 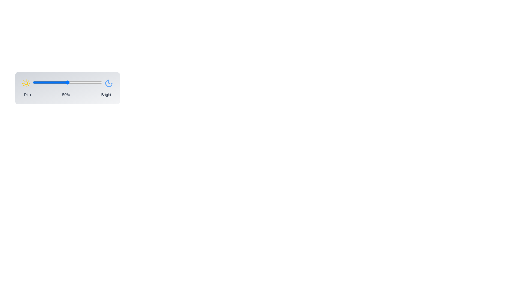 What do you see at coordinates (26, 83) in the screenshot?
I see `the sun icon to activate its functionality` at bounding box center [26, 83].